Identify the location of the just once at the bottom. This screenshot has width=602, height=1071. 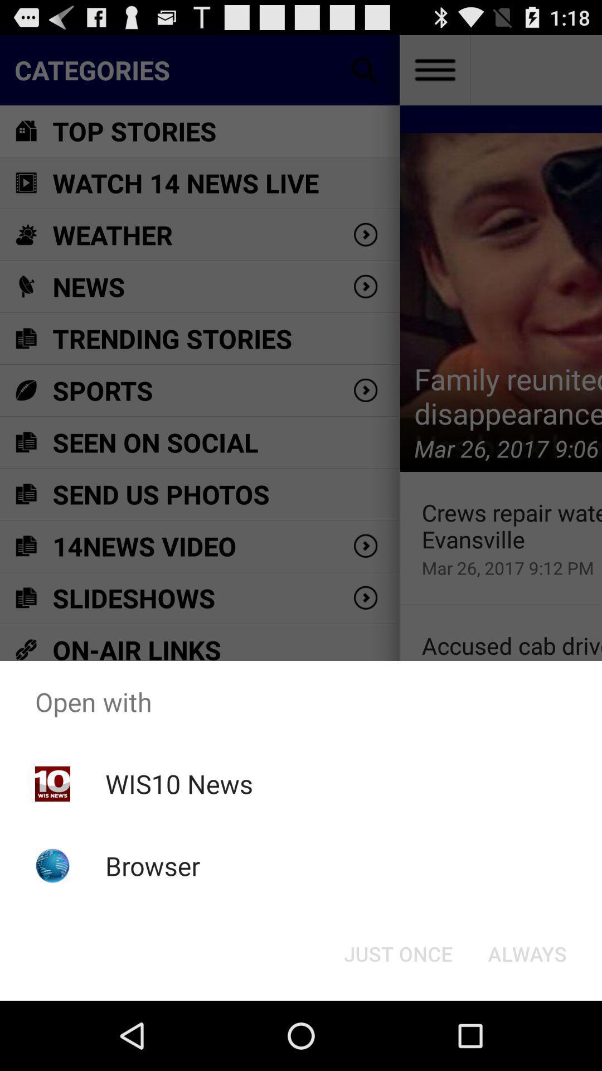
(397, 953).